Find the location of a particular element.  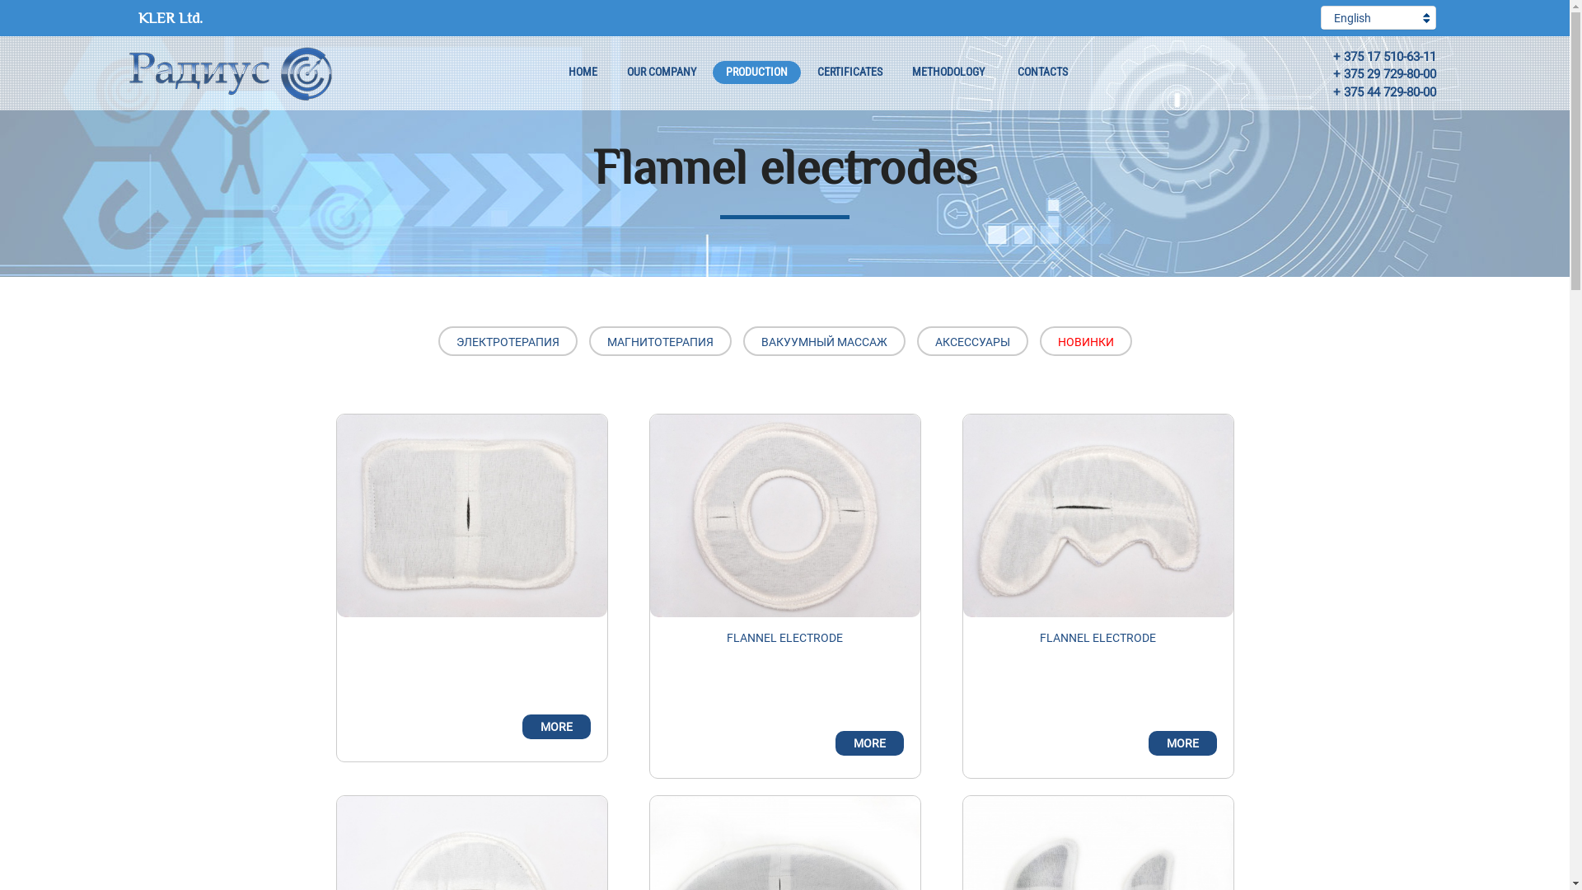

'English' is located at coordinates (1321, 17).